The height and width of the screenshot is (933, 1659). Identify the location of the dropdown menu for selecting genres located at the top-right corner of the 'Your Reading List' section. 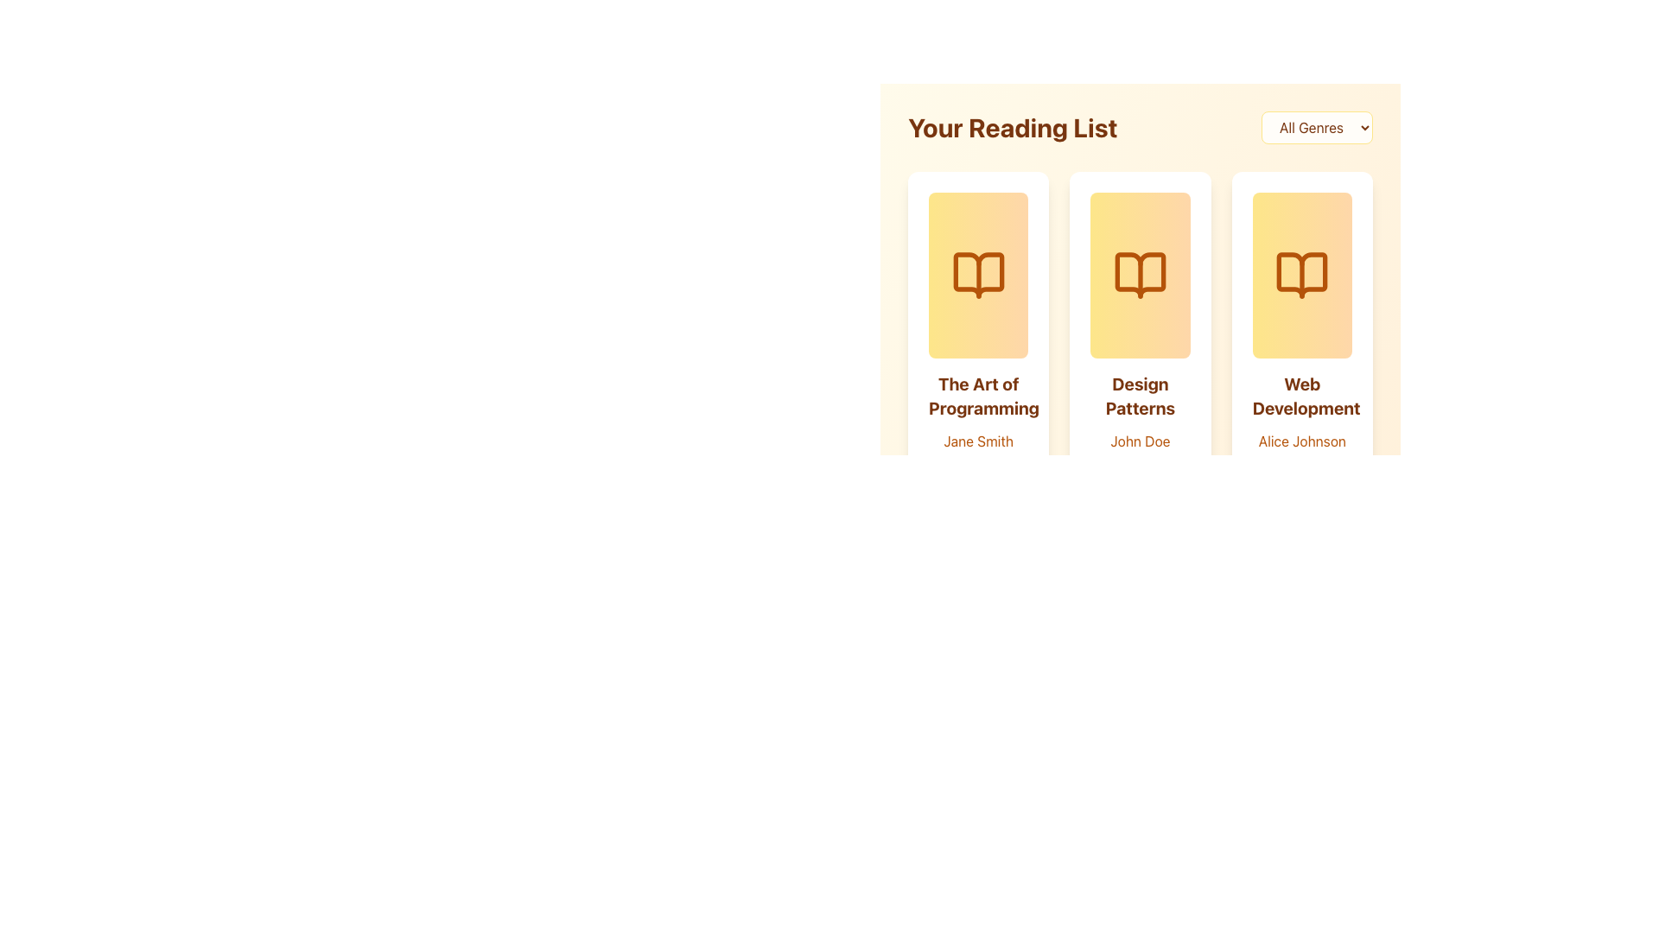
(1316, 126).